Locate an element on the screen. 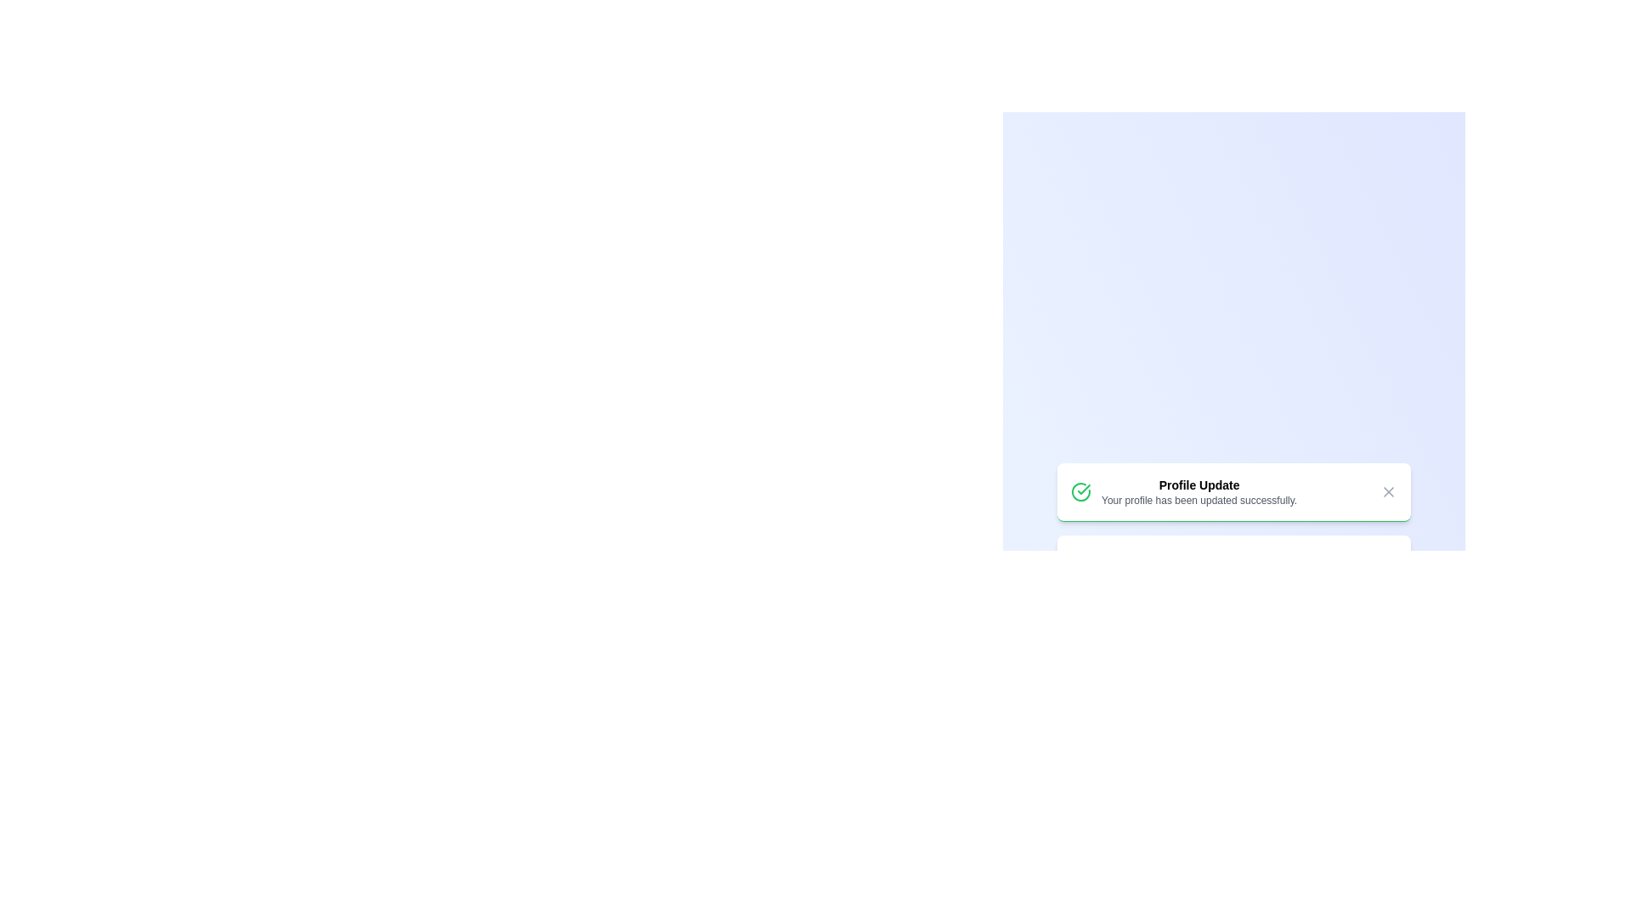 This screenshot has height=918, width=1632. the notification by clicking on the text label that reads 'Your profile has been updated successfully.' is located at coordinates (1198, 499).